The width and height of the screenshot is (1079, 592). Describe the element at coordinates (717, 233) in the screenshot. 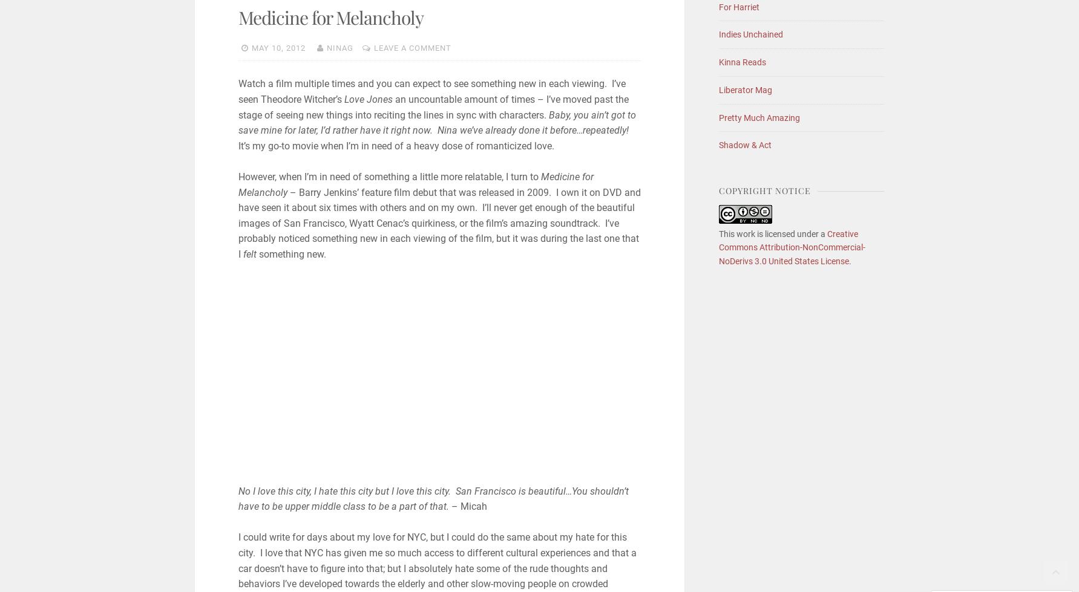

I see `'This work is licensed under a'` at that location.